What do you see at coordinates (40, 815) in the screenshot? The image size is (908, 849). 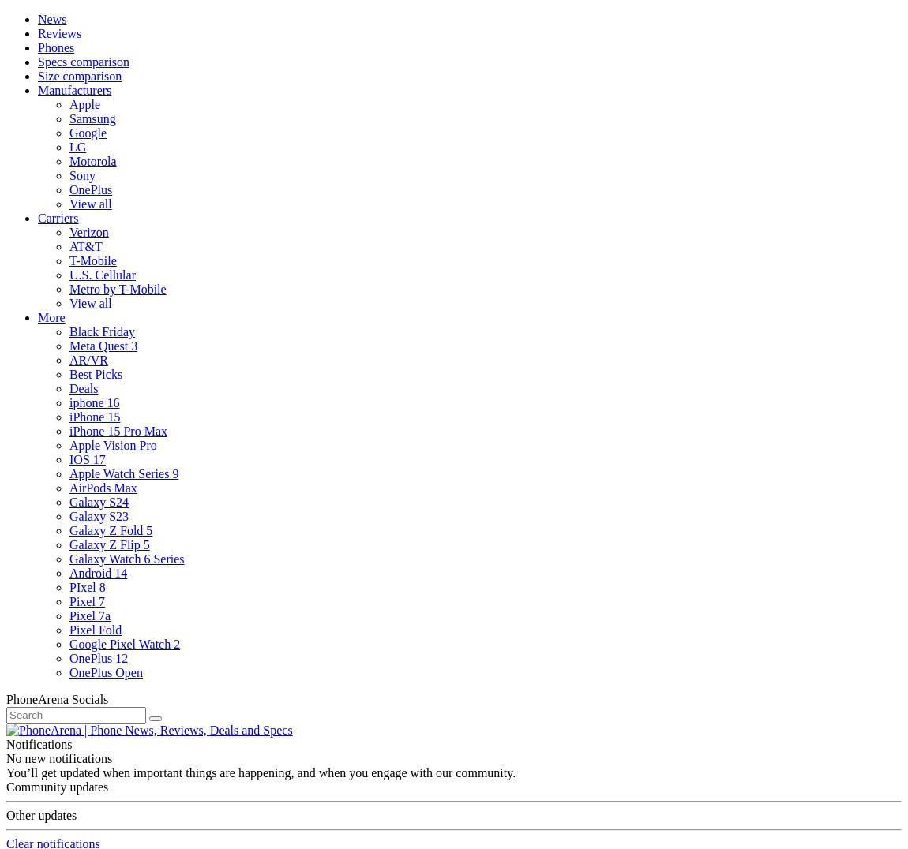 I see `'Other updates'` at bounding box center [40, 815].